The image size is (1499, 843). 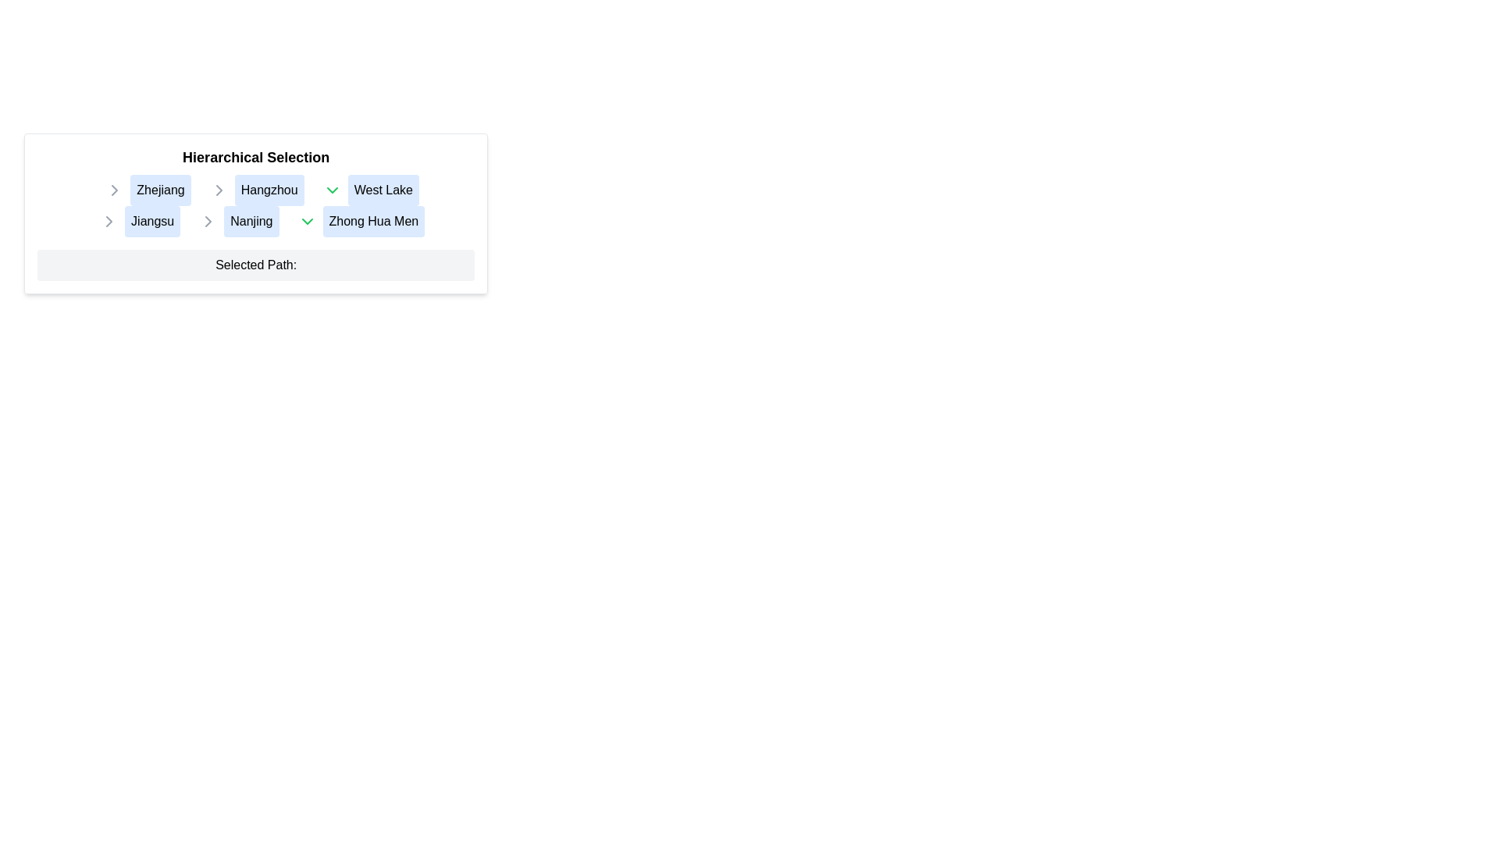 I want to click on the chevron icon located to the right of the 'Zhejiang' label, which indicates the navigation to 'Hangzhou', so click(x=114, y=189).